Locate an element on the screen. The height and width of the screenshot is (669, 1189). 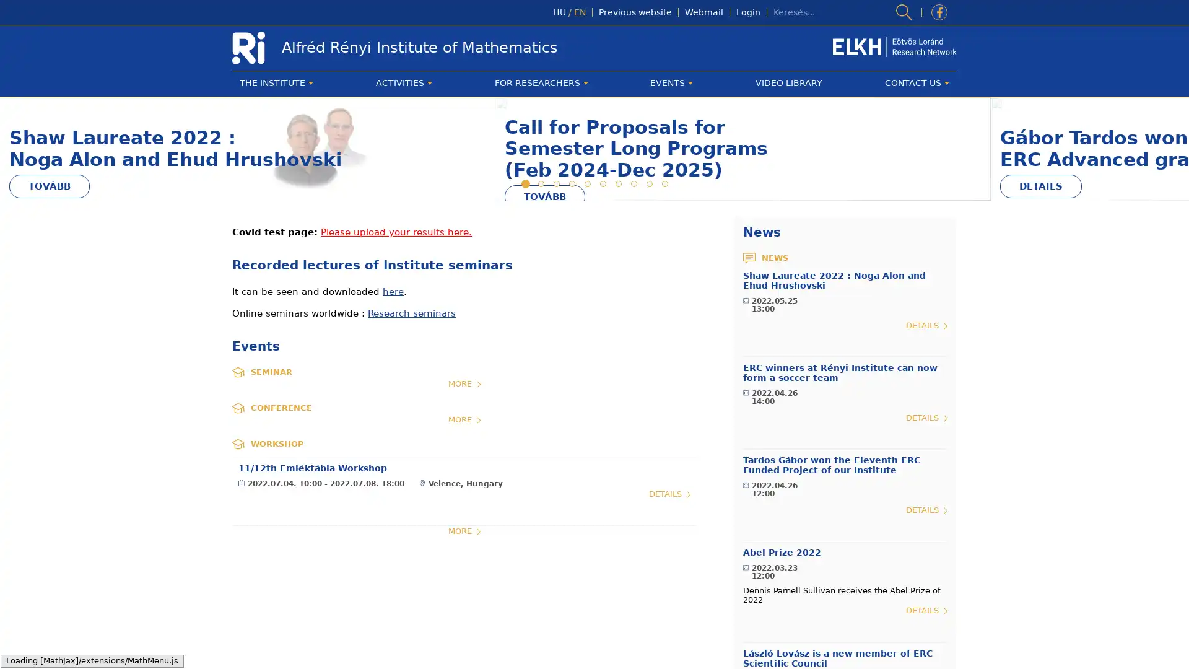
5 is located at coordinates (586, 326).